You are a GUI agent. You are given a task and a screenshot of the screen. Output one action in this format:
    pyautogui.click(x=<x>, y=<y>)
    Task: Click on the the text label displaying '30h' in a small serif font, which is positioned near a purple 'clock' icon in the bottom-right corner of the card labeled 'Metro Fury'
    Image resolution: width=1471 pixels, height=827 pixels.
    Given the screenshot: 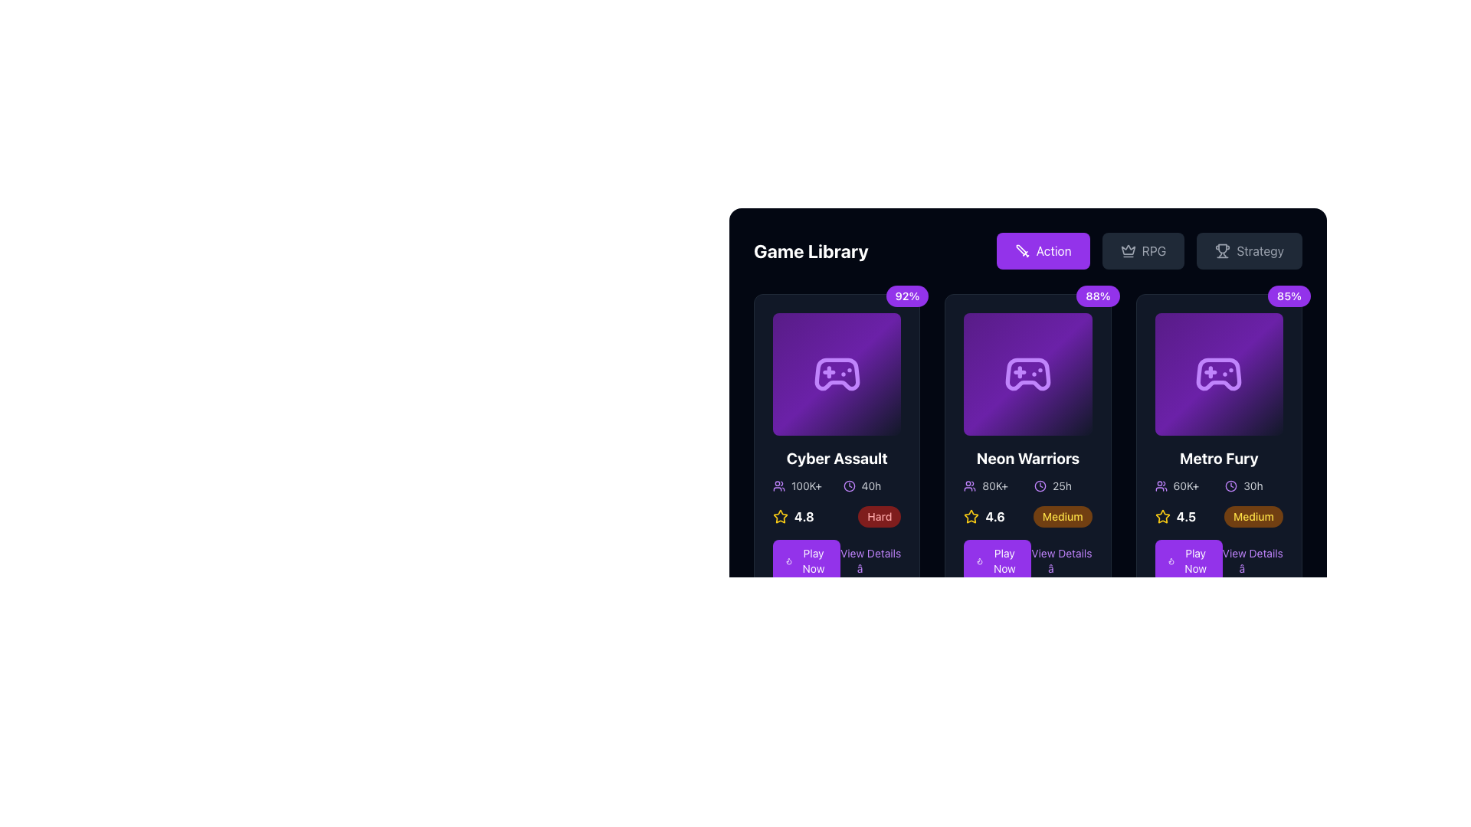 What is the action you would take?
    pyautogui.click(x=1253, y=486)
    